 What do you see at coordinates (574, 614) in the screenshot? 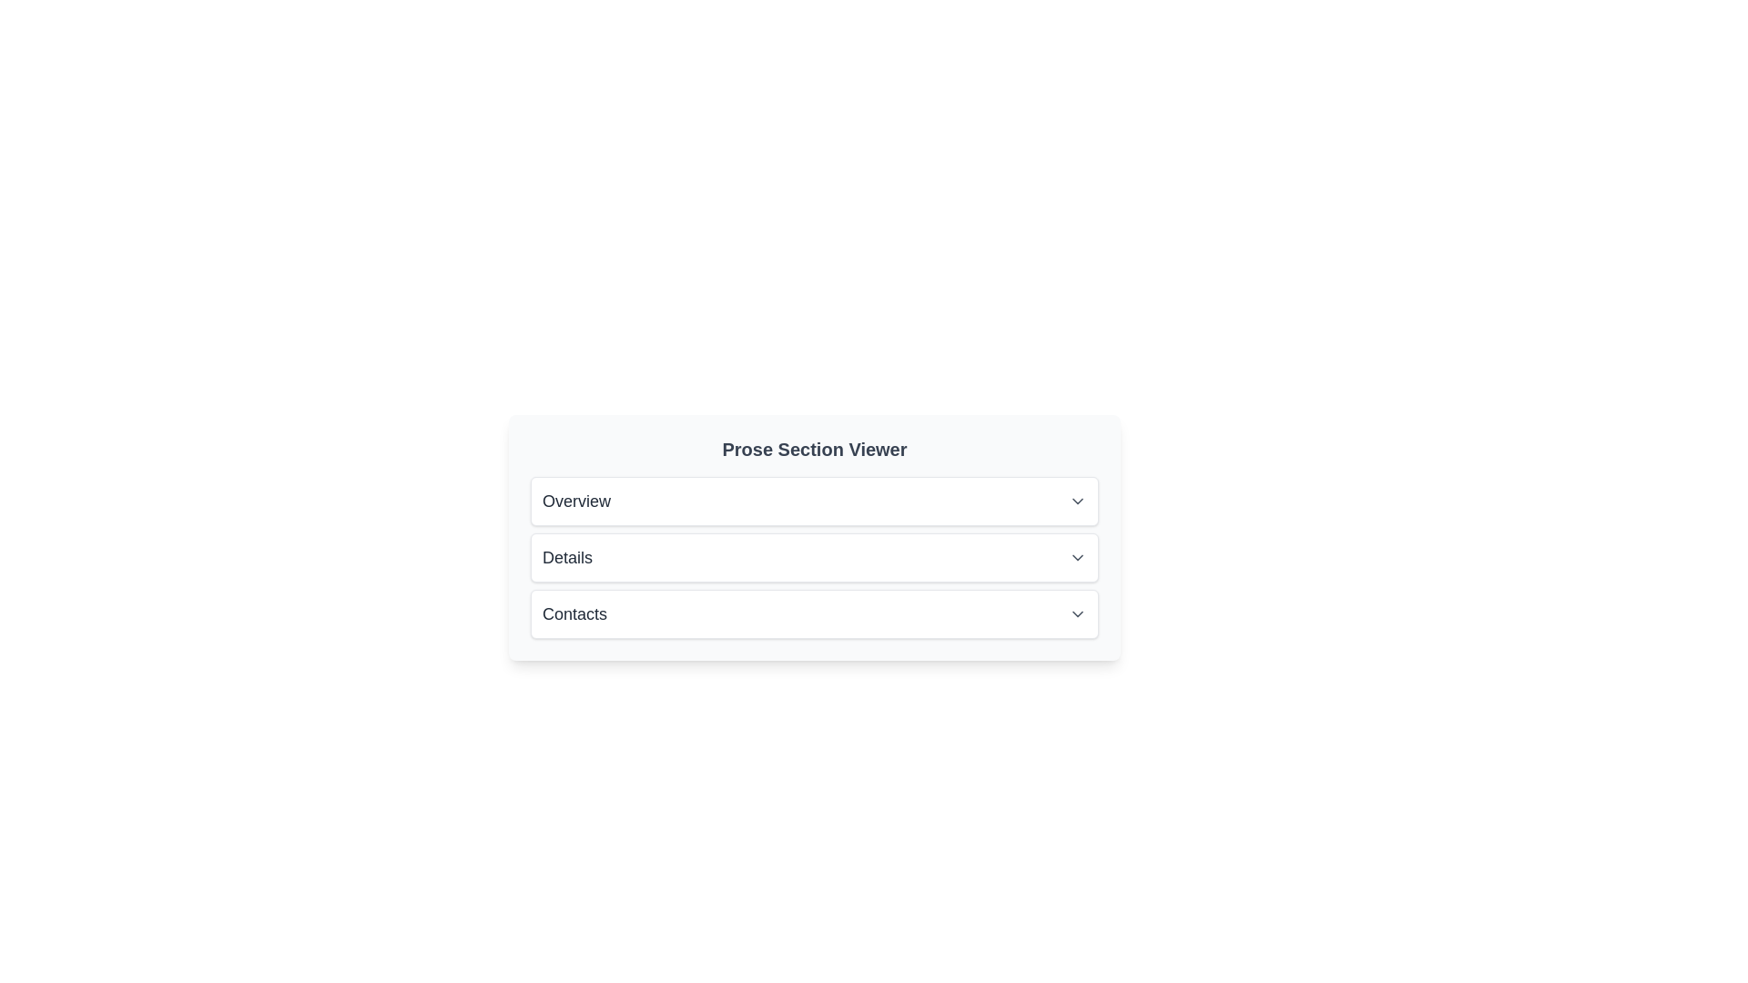
I see `the Text label that identifies the collapsible section, located in the lower part of the vertical stack of 'Overview', 'Details', and 'Contacts'` at bounding box center [574, 614].